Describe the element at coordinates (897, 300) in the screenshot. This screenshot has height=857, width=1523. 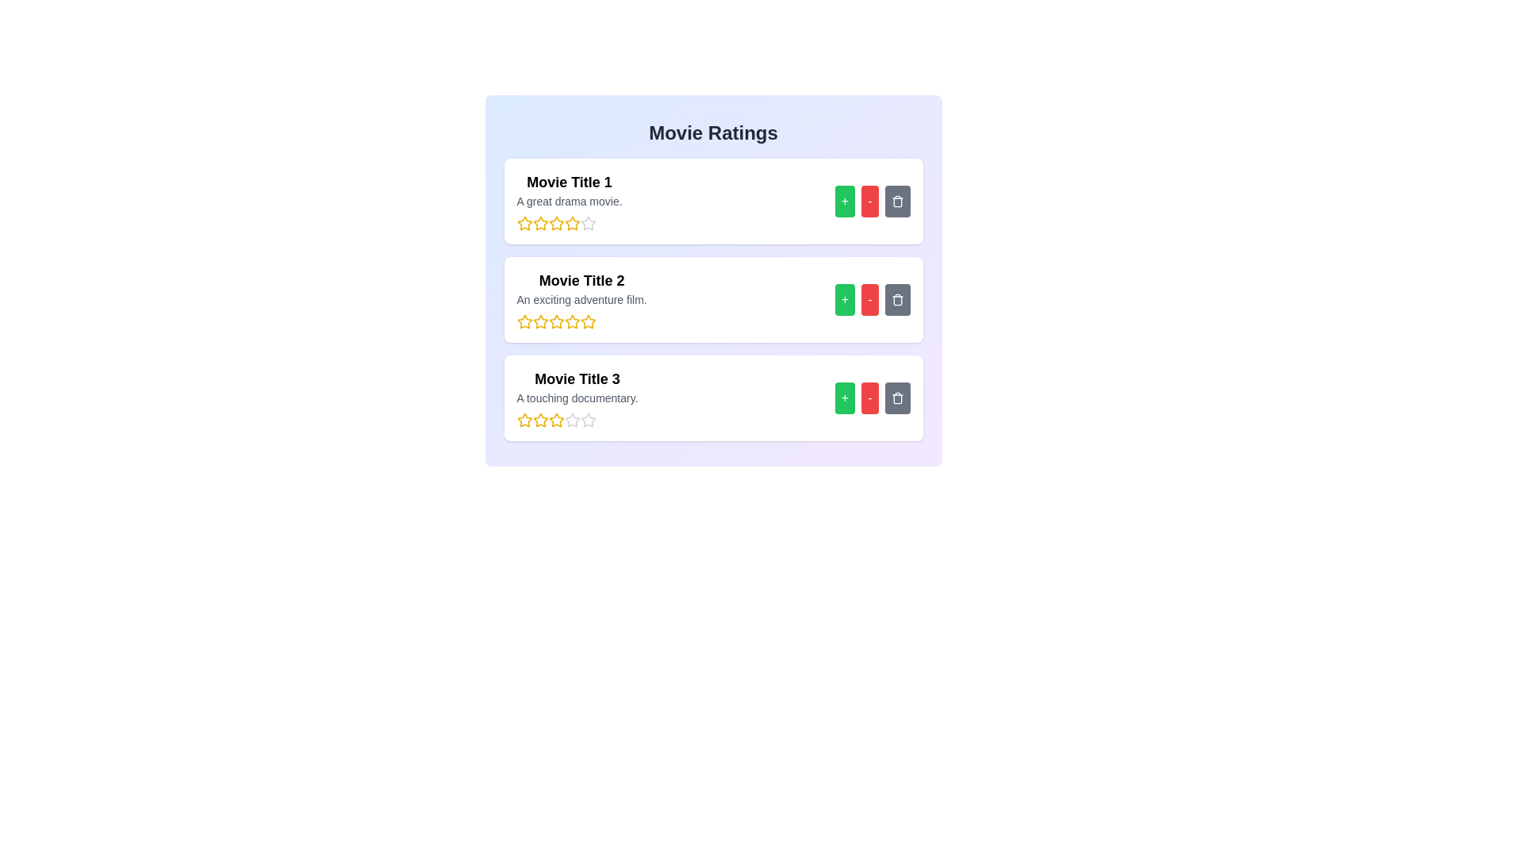
I see `trash icon for the movie titled Movie Title 2 to remove it from the list` at that location.